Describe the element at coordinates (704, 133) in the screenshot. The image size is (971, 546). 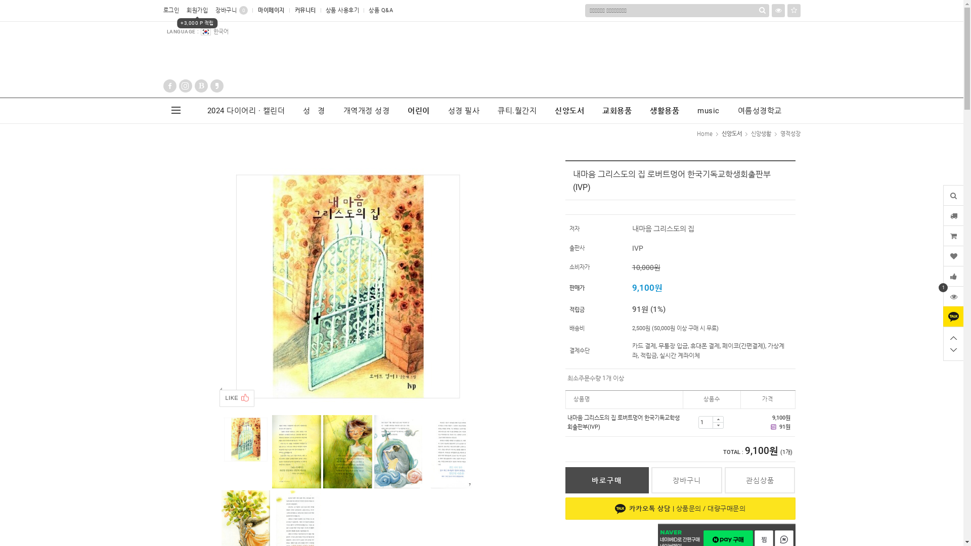
I see `'Home'` at that location.